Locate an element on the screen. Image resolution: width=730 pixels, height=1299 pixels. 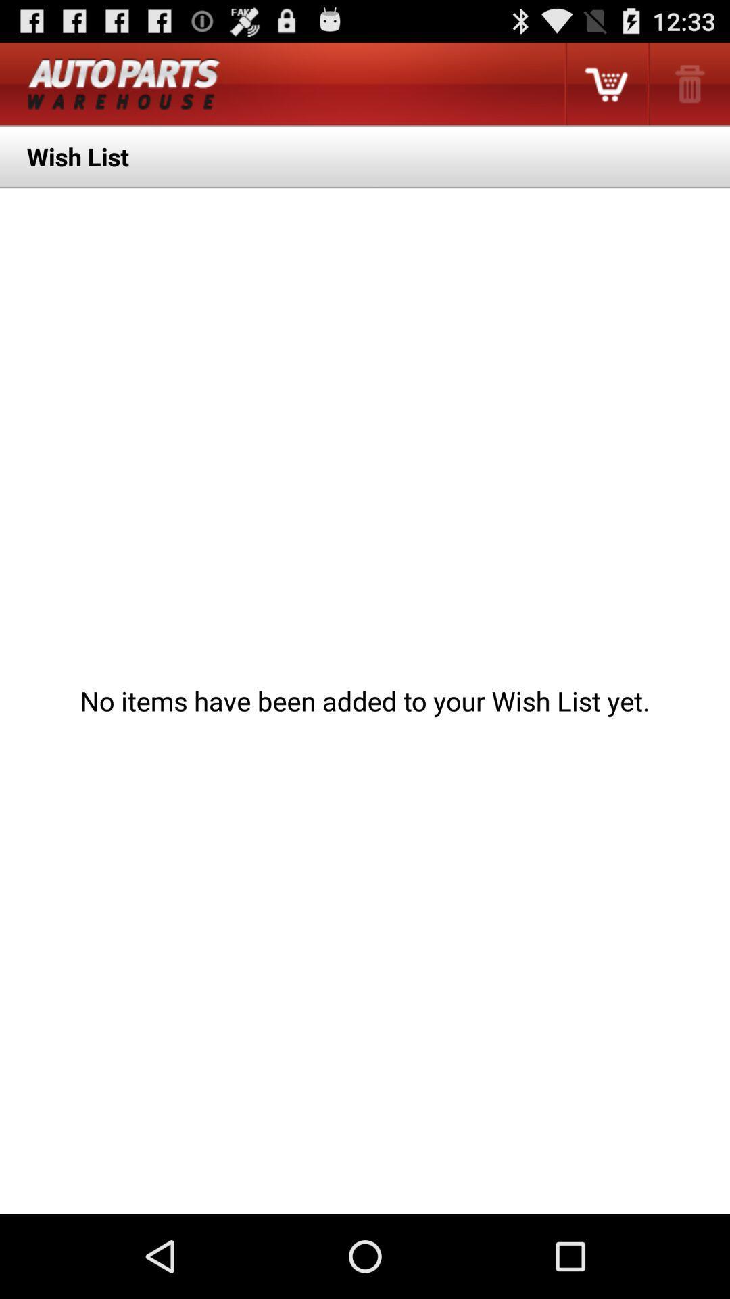
the cart icon is located at coordinates (605, 89).